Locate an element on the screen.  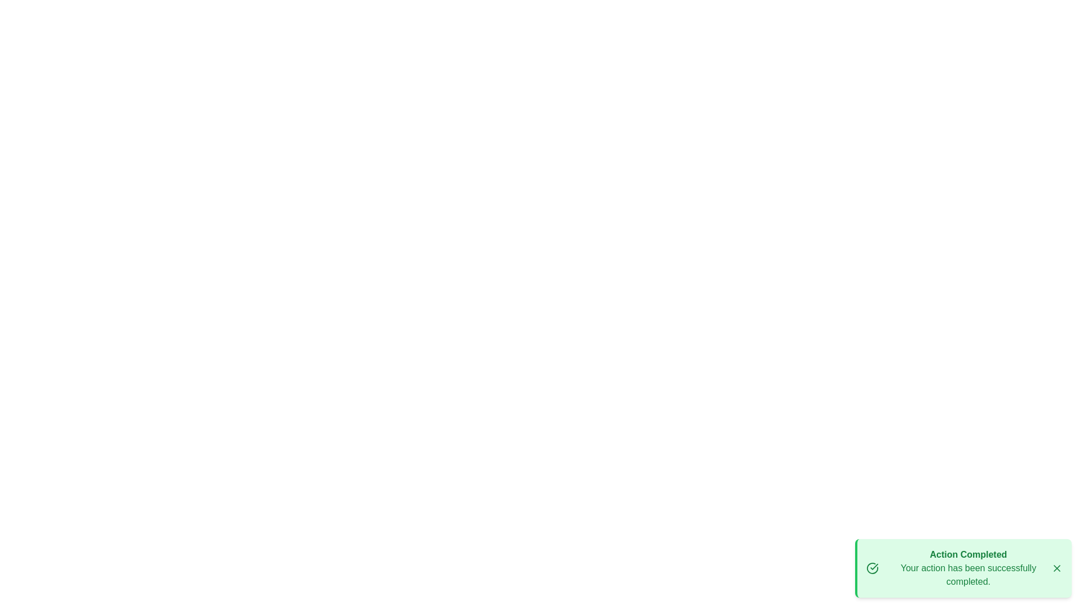
the close button to dismiss the notification is located at coordinates (1056, 568).